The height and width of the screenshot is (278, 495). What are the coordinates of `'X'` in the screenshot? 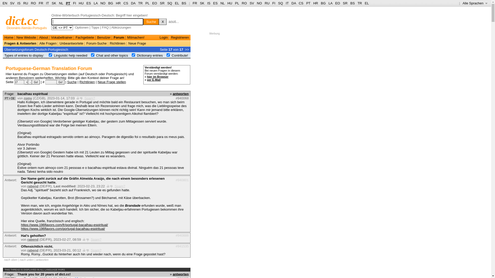 It's located at (162, 21).